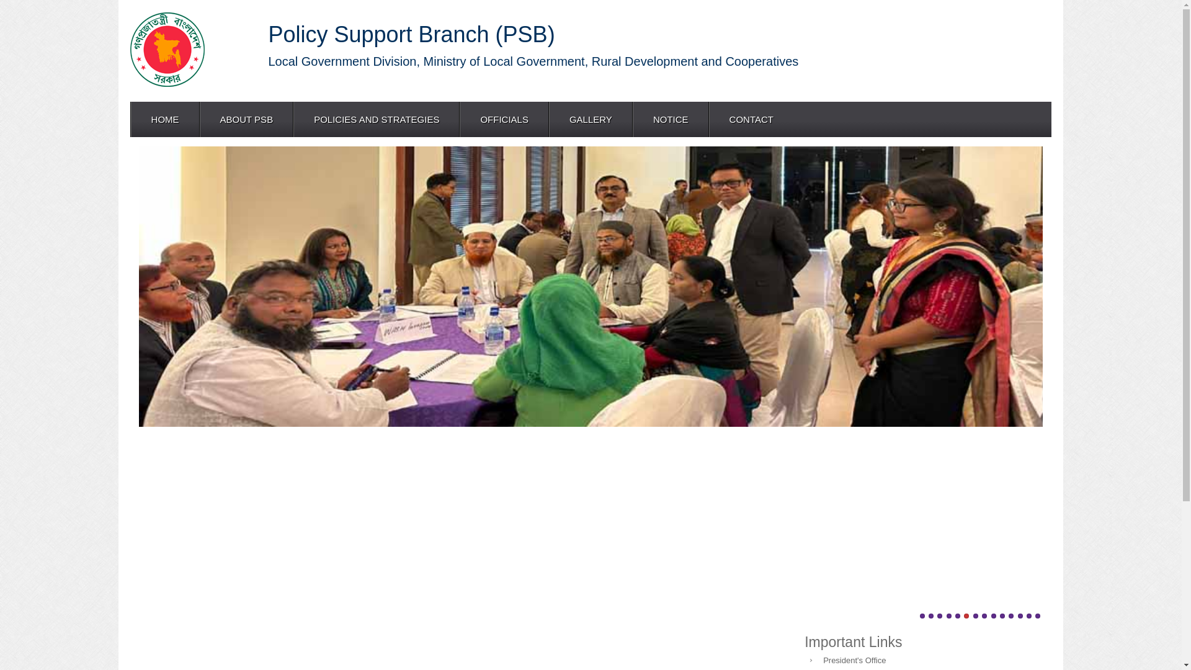 The height and width of the screenshot is (670, 1191). Describe the element at coordinates (1029, 615) in the screenshot. I see `'13'` at that location.